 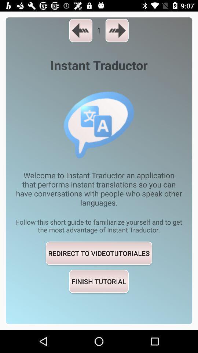 I want to click on finish tutorial icon, so click(x=99, y=281).